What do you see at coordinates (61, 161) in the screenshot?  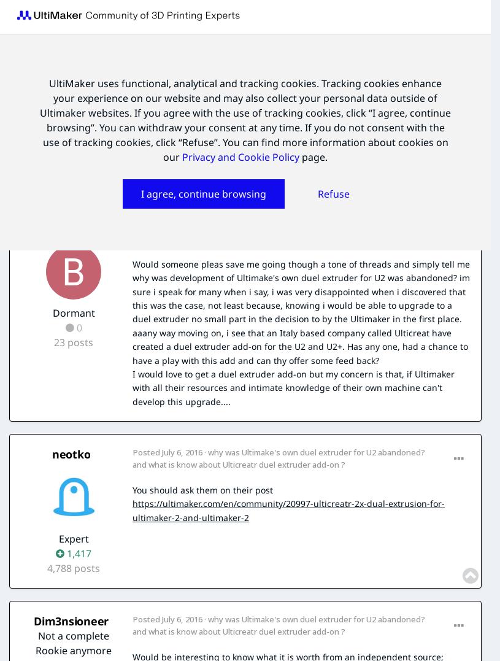 I see `'By'` at bounding box center [61, 161].